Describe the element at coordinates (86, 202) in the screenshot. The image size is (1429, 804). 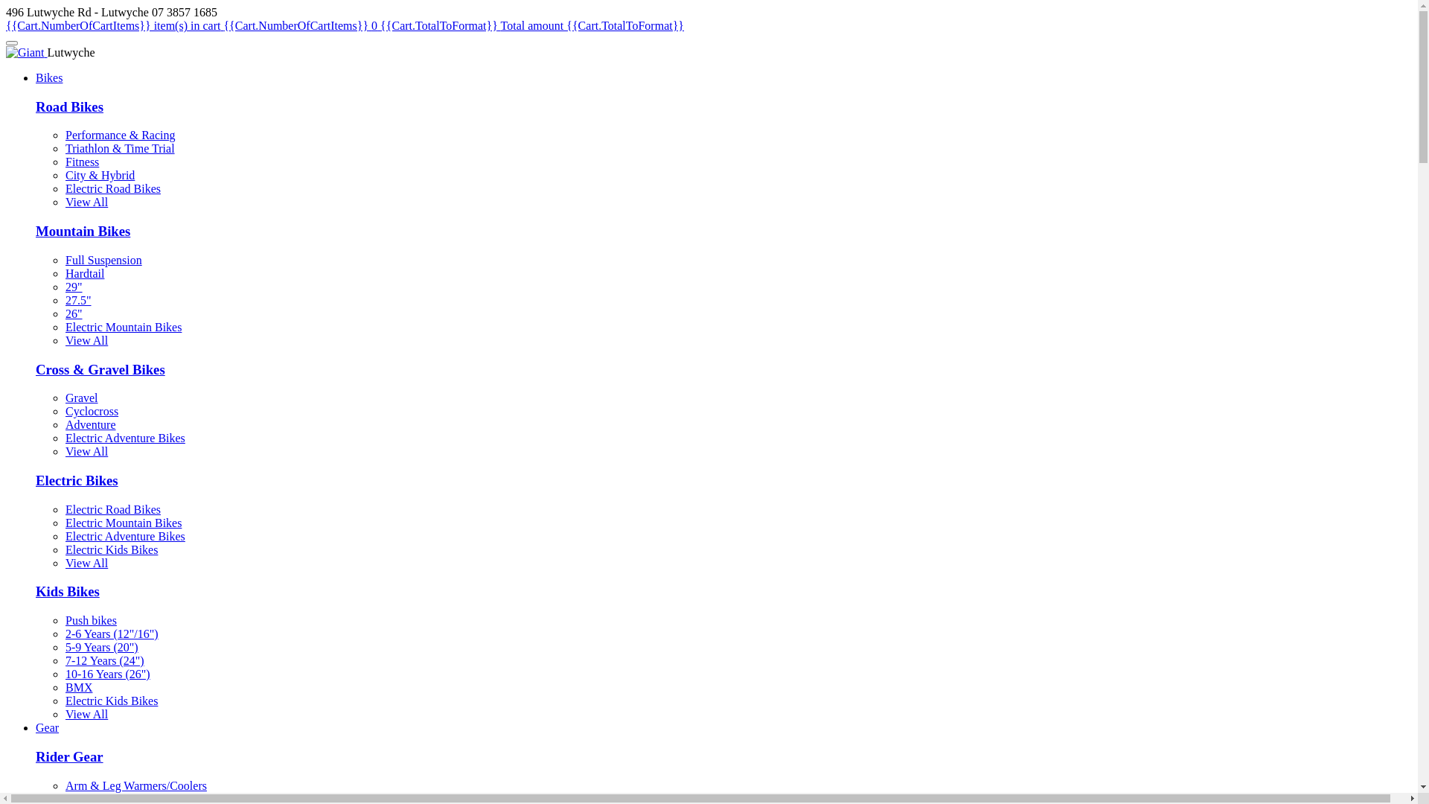
I see `'View All'` at that location.